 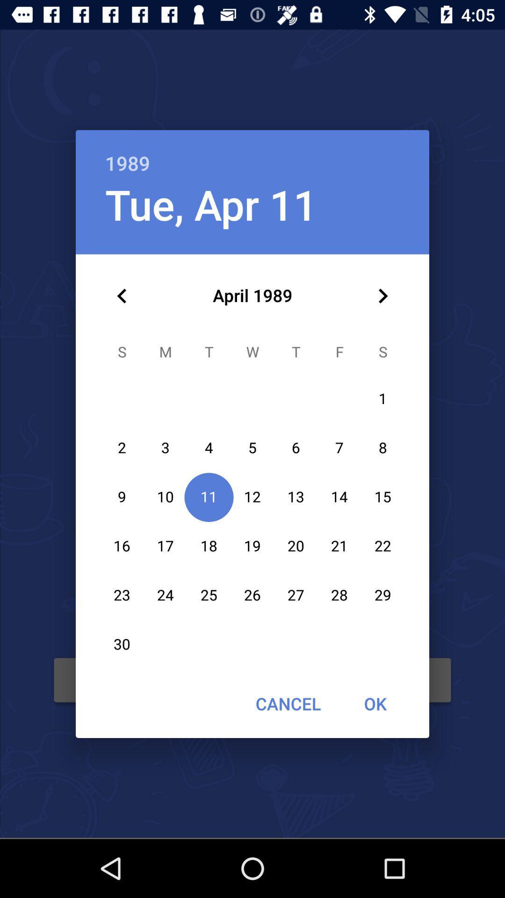 What do you see at coordinates (375, 703) in the screenshot?
I see `item to the right of cancel icon` at bounding box center [375, 703].